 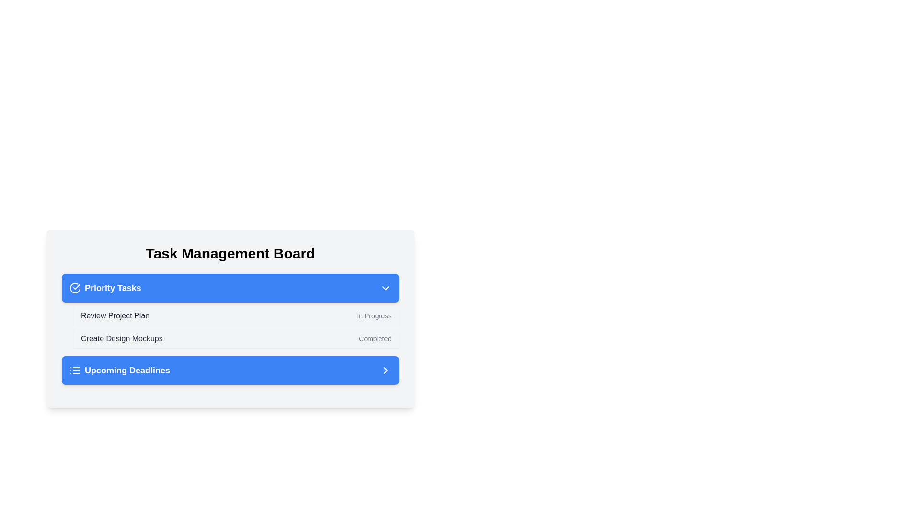 I want to click on the status indicator text label for the 'Review Project Plan' task located in the 'Priority Tasks' section of the task management application interface, so click(x=374, y=315).